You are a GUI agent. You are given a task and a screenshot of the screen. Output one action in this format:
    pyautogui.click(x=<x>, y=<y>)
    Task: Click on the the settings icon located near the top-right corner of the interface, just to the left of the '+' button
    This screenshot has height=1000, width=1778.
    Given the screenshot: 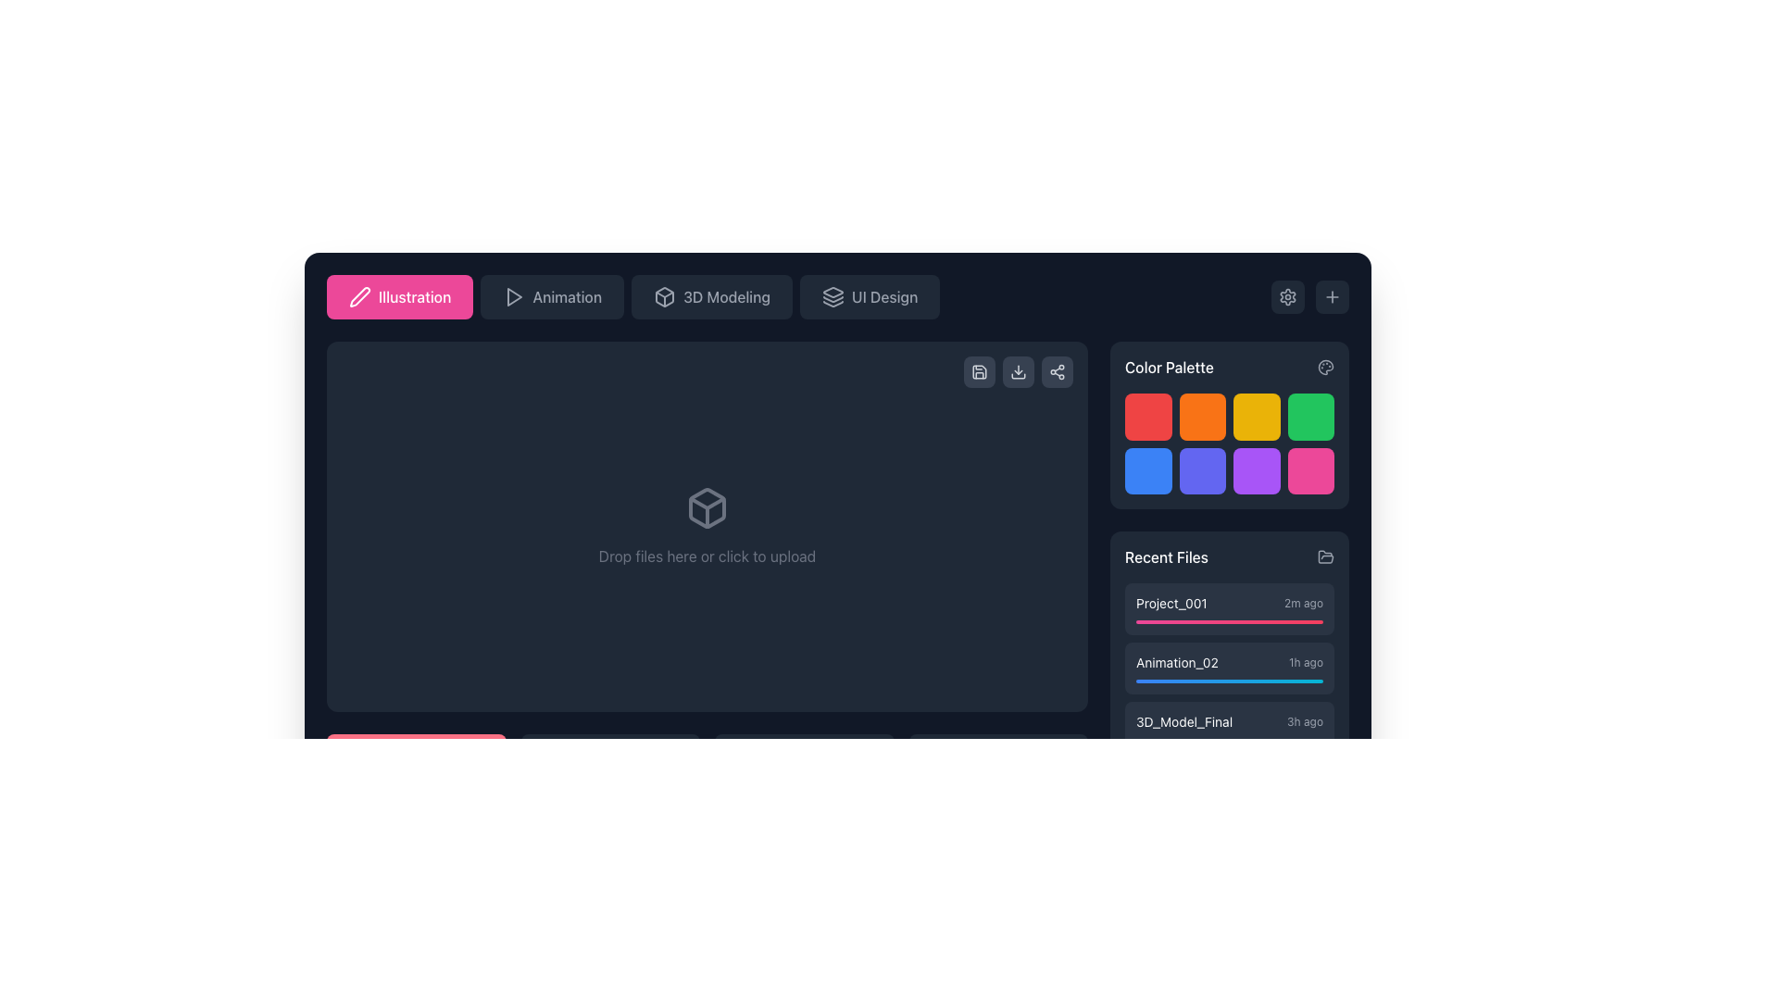 What is the action you would take?
    pyautogui.click(x=1287, y=295)
    